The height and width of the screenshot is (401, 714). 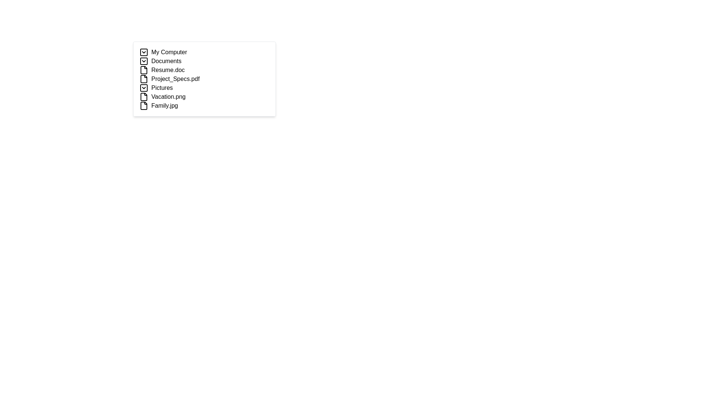 What do you see at coordinates (144, 70) in the screenshot?
I see `the file icon that represents 'Resume.doc', which is located in a vertical list of file entries between 'Documents' and 'Project_Specs.pdf'` at bounding box center [144, 70].